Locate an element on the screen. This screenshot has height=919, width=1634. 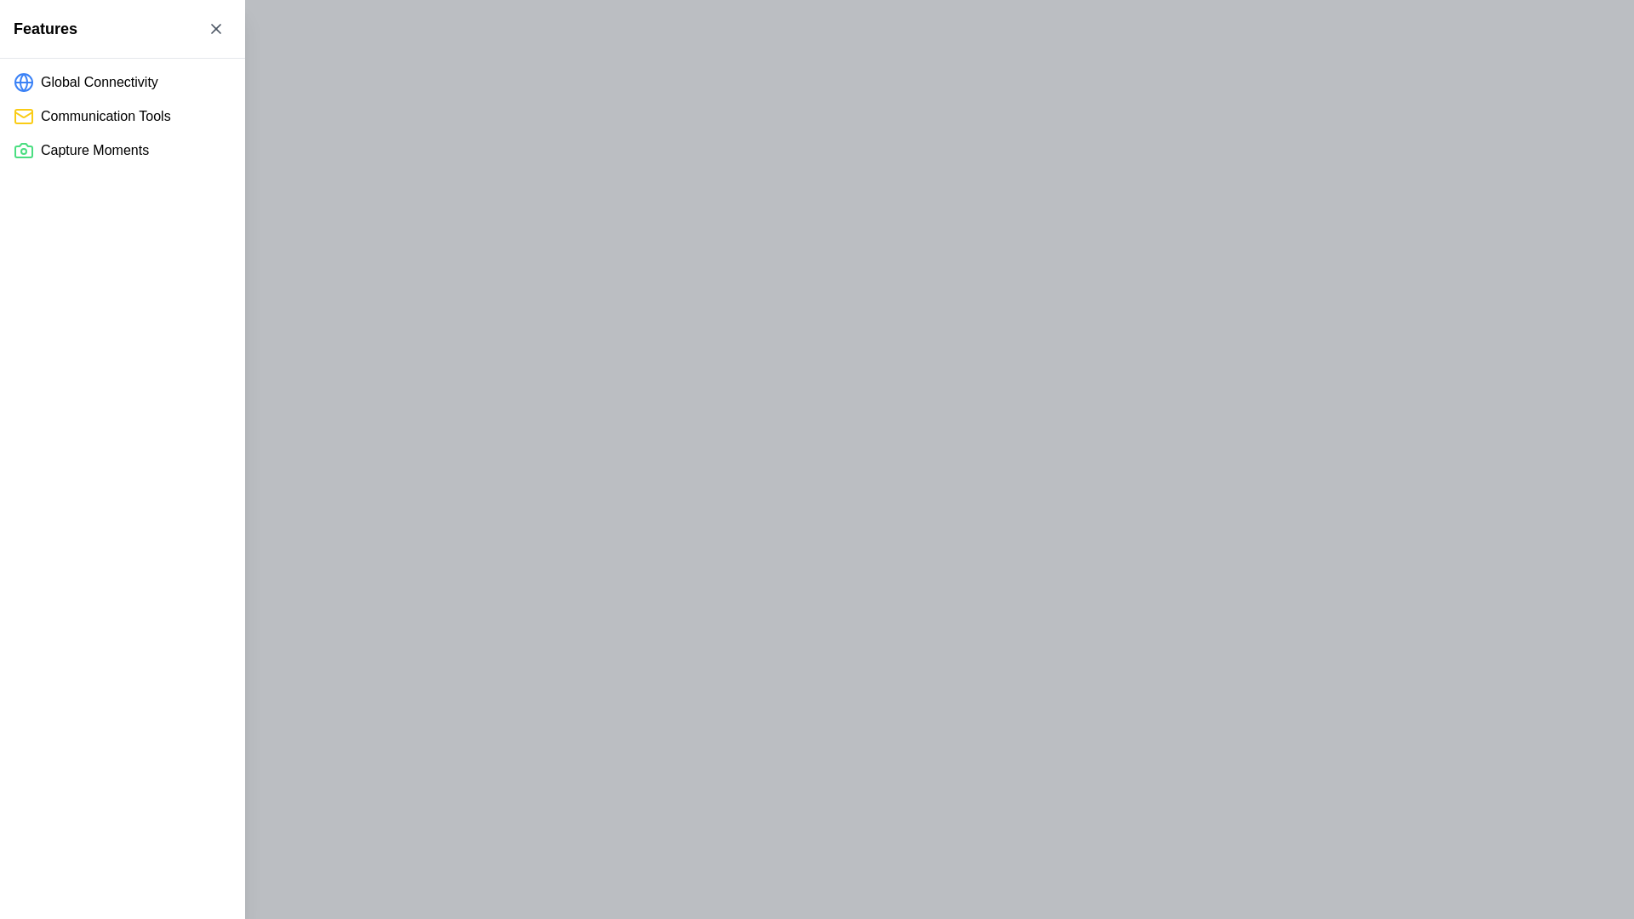
the close button located at the top-right corner of the 'Features' panel is located at coordinates (215, 29).